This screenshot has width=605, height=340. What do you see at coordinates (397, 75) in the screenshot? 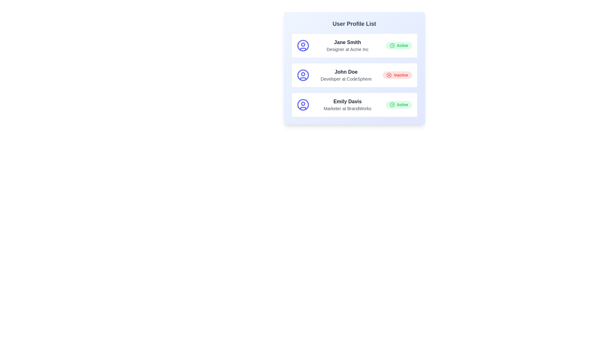
I see `the status indicator of the user profile with name John Doe` at bounding box center [397, 75].